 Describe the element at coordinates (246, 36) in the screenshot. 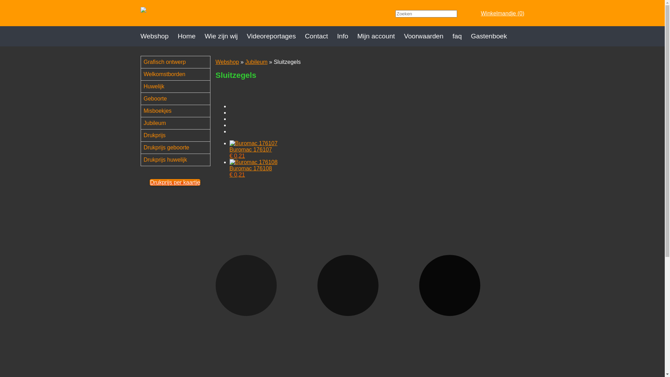

I see `'Videoreportages'` at that location.